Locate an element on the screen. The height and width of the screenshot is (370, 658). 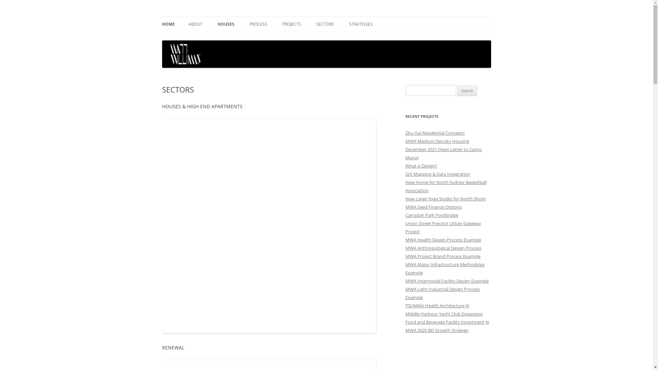
'MWA Project Brand Process Example' is located at coordinates (442, 256).